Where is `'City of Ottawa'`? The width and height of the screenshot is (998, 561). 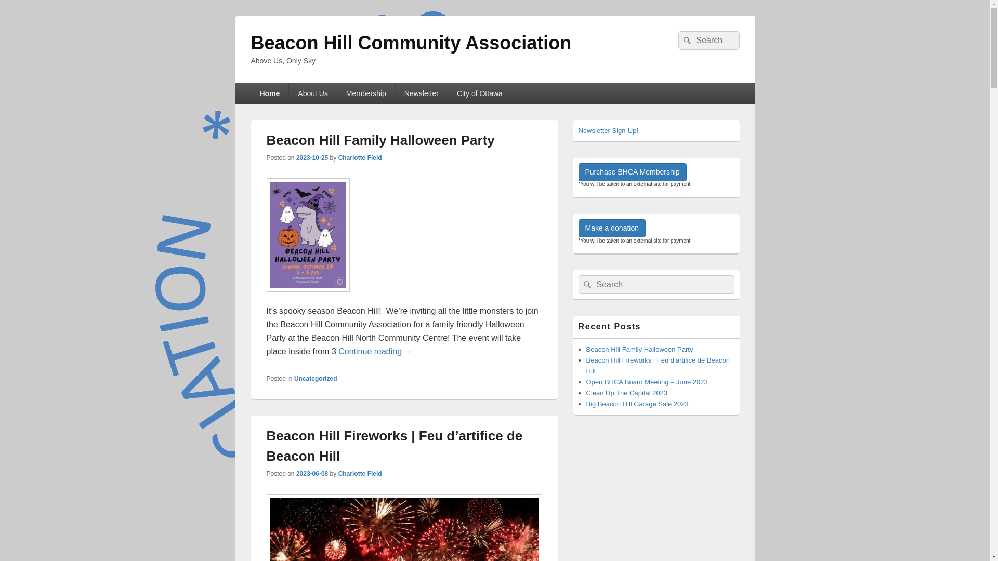 'City of Ottawa' is located at coordinates (479, 94).